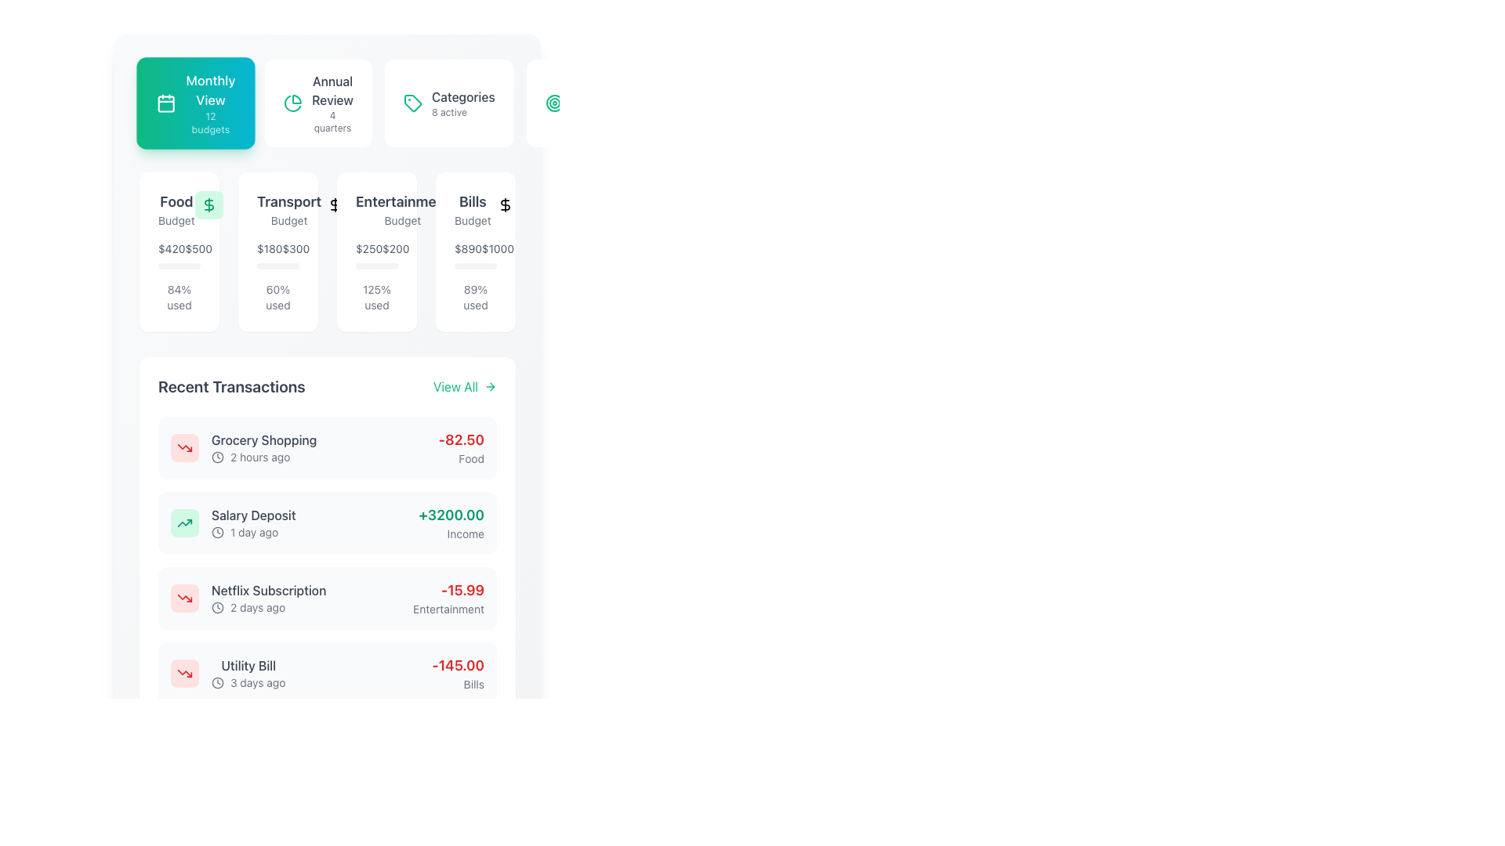  I want to click on the SVG Circle Element that forms the outer boundary of the clock icon located slightly below the middle of the visible panel in the 'Recent Transactions' section, to the left of the 'Salary Deposit' transaction entry, so click(217, 457).